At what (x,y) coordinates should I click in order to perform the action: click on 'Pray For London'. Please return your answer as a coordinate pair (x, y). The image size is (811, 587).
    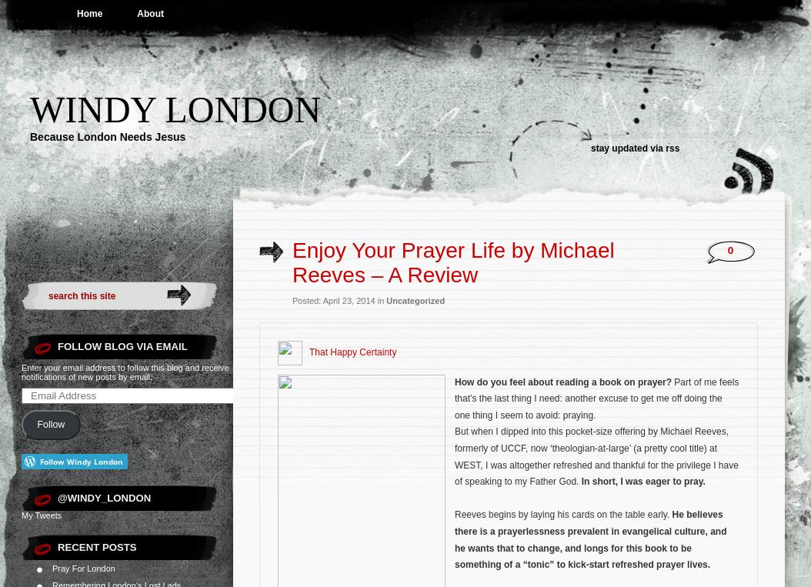
    Looking at the image, I should click on (51, 567).